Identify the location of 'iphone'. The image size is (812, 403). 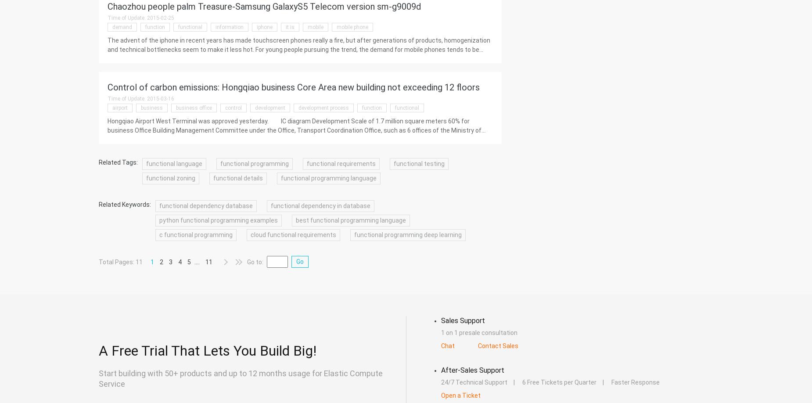
(264, 27).